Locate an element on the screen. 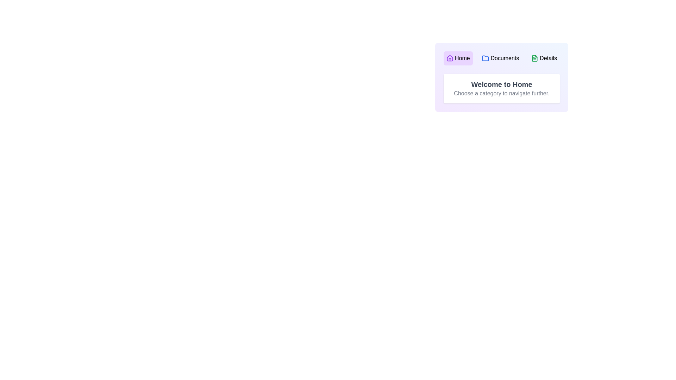  the 'Home' icon in the navigation bar is located at coordinates (449, 58).